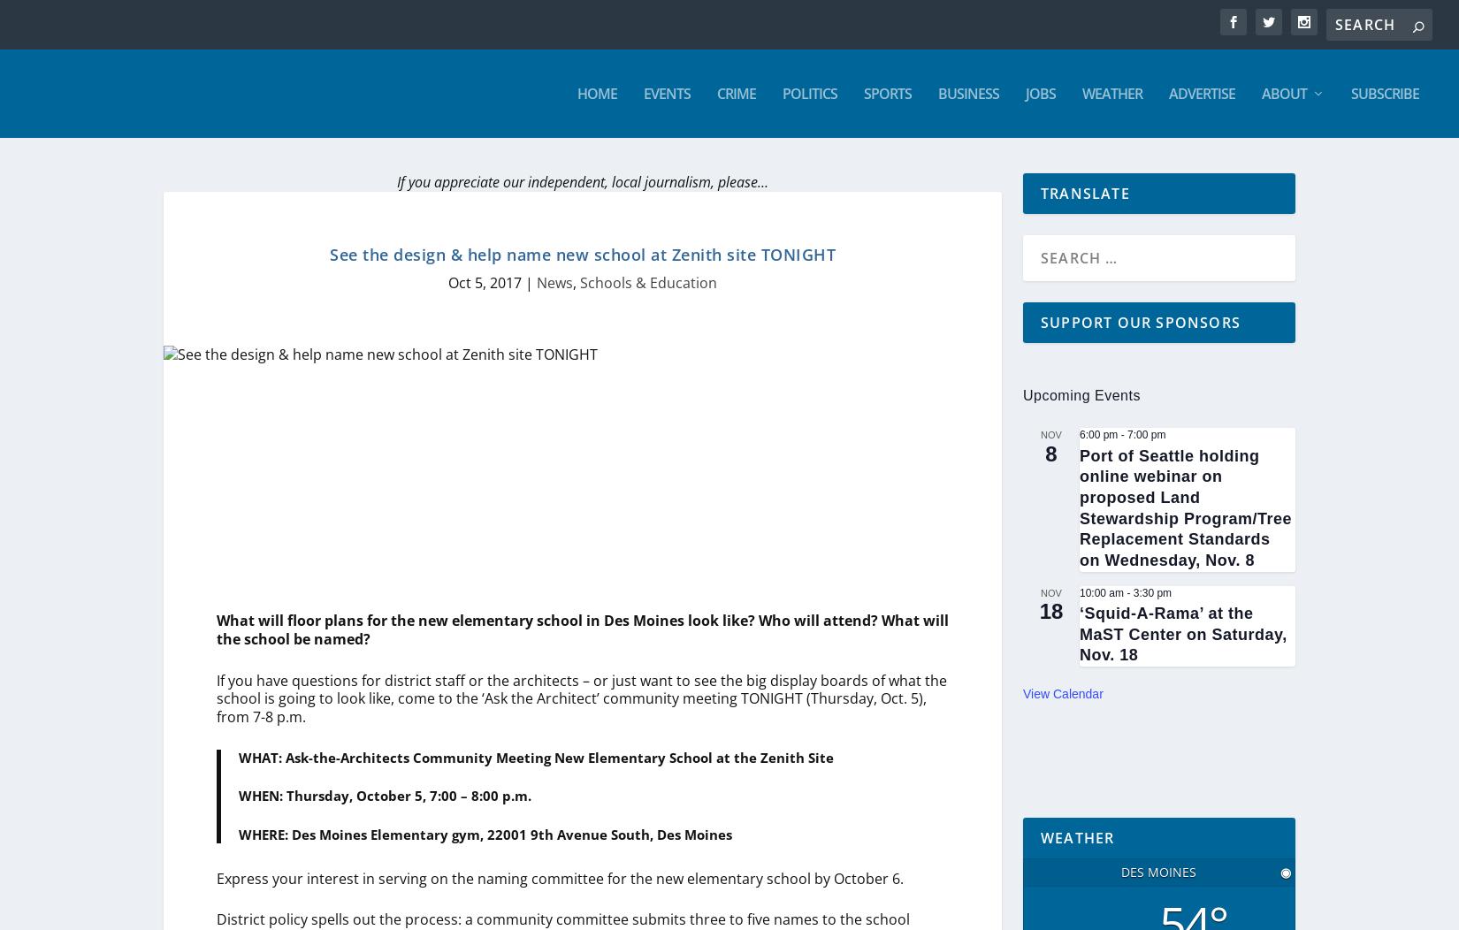 This screenshot has width=1459, height=930. Describe the element at coordinates (1181, 634) in the screenshot. I see `'‘Squid-A-Rama’ at the MaST Center on Saturday, Nov. 18'` at that location.